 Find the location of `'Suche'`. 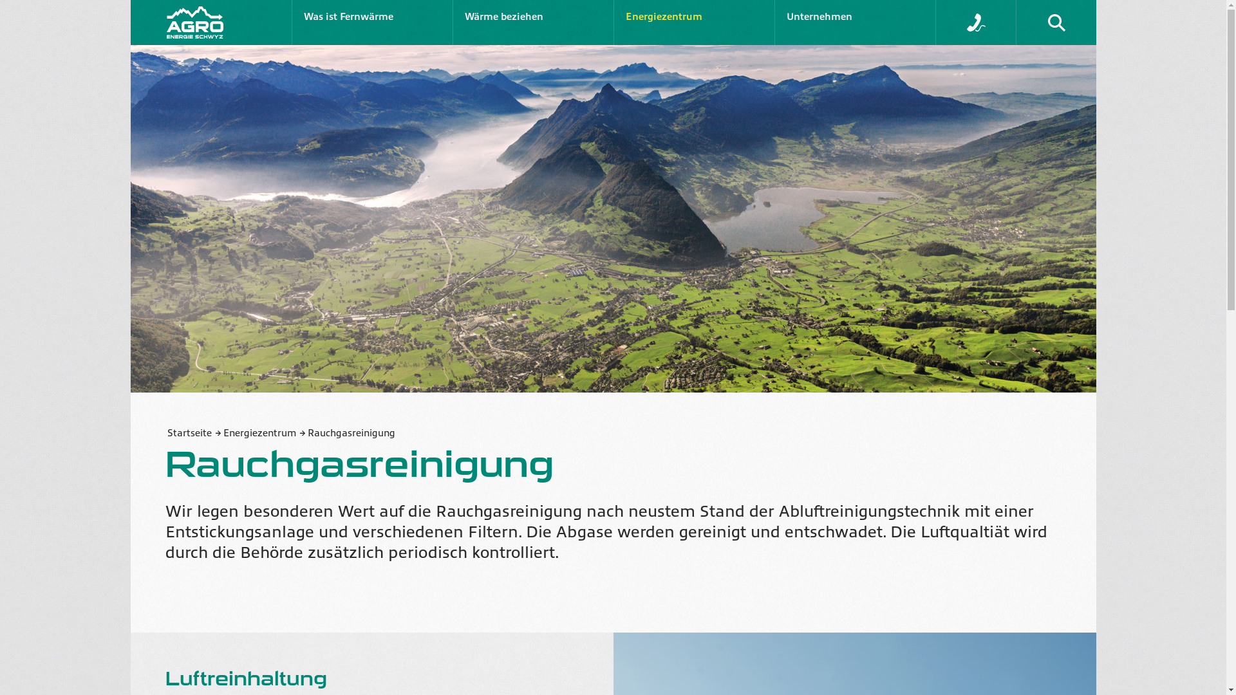

'Suche' is located at coordinates (1056, 22).